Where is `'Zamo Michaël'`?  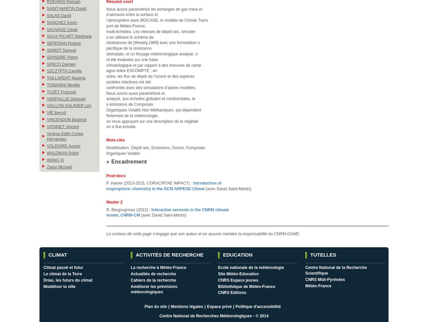
'Zamo Michaël' is located at coordinates (59, 167).